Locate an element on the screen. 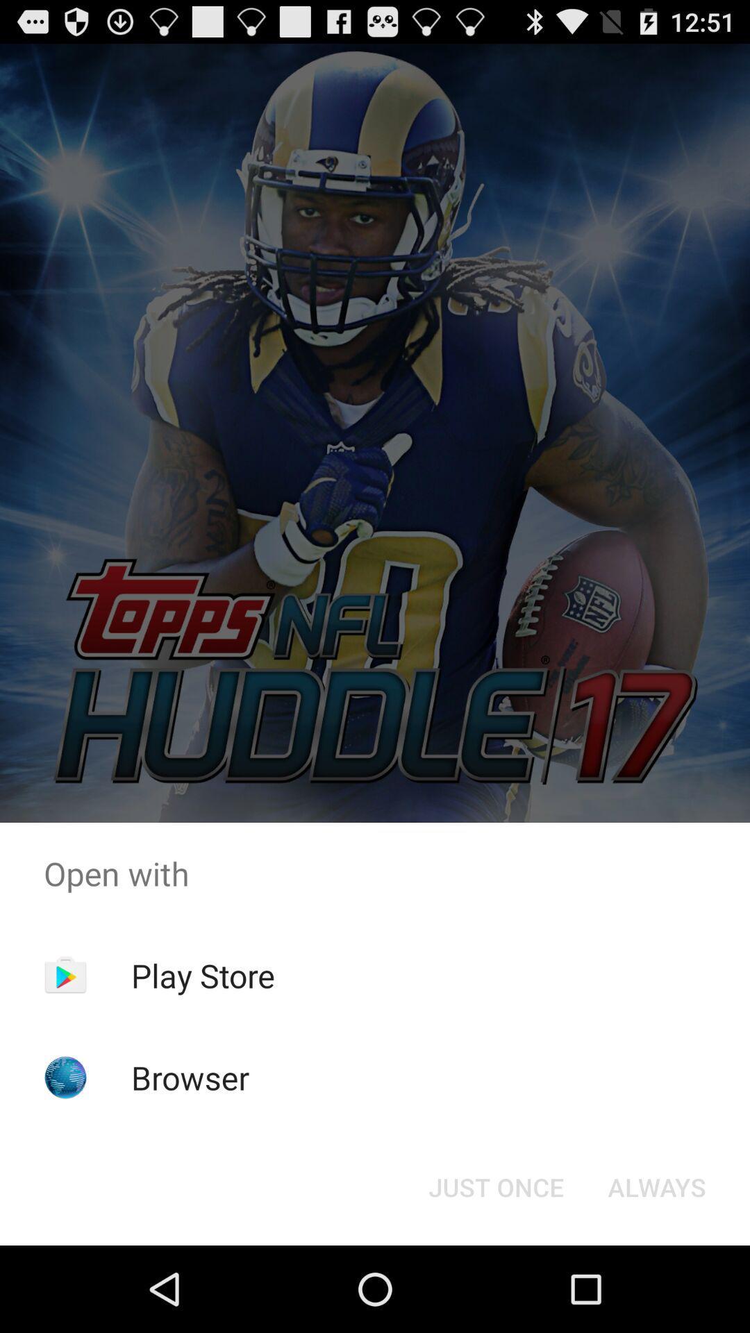  the always button is located at coordinates (656, 1186).